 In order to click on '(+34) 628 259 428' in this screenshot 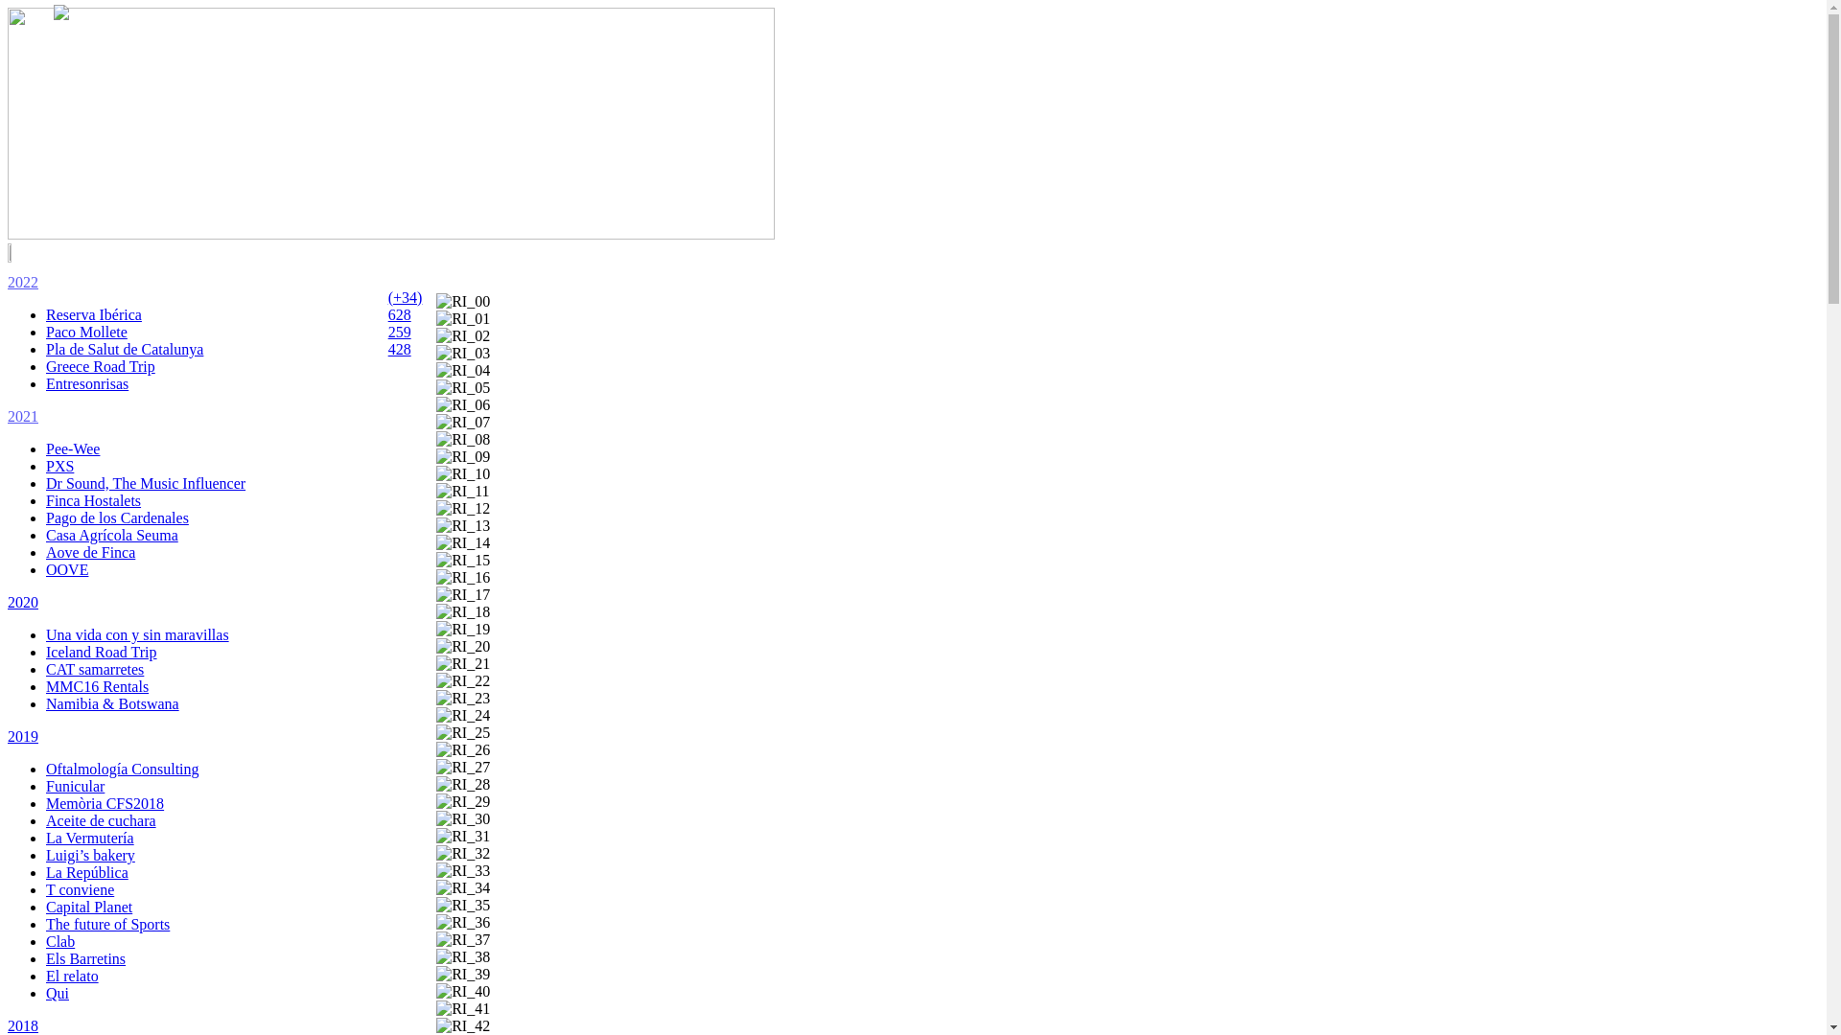, I will do `click(404, 322)`.